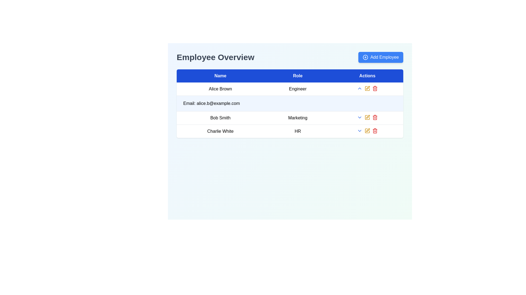  Describe the element at coordinates (375, 131) in the screenshot. I see `the visual representation of the delete functionality icon, which is part of the trash bin icon located under the 'Actions' column of the table, specifically the rectangular body below the lid` at that location.